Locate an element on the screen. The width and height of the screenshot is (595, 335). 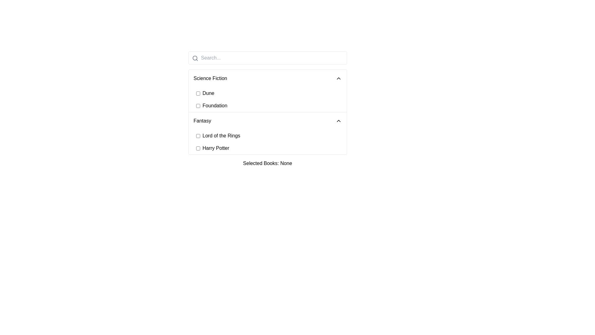
the checkbox for the 'Lord of the Rings' selection list item located is located at coordinates (271, 136).